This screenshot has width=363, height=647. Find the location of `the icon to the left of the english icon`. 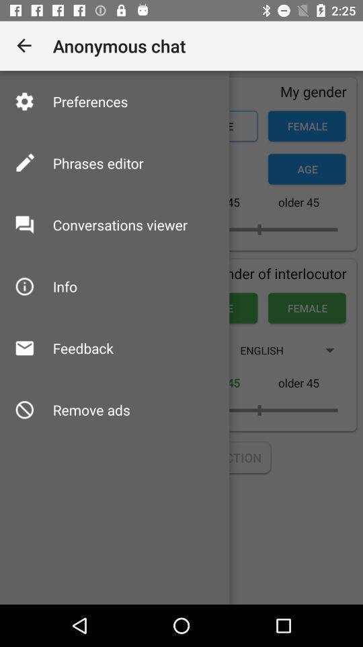

the icon to the left of the english icon is located at coordinates (83, 347).